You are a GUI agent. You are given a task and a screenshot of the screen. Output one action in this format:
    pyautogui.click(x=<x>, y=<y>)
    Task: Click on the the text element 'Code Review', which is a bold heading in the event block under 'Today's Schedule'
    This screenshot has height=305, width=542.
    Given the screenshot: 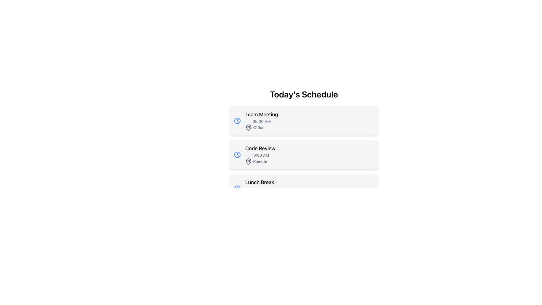 What is the action you would take?
    pyautogui.click(x=260, y=148)
    